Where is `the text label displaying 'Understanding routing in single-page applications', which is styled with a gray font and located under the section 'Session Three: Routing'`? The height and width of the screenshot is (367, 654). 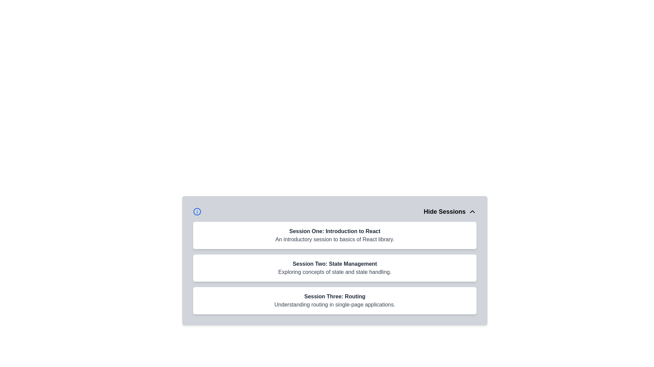
the text label displaying 'Understanding routing in single-page applications', which is styled with a gray font and located under the section 'Session Three: Routing' is located at coordinates (335, 304).